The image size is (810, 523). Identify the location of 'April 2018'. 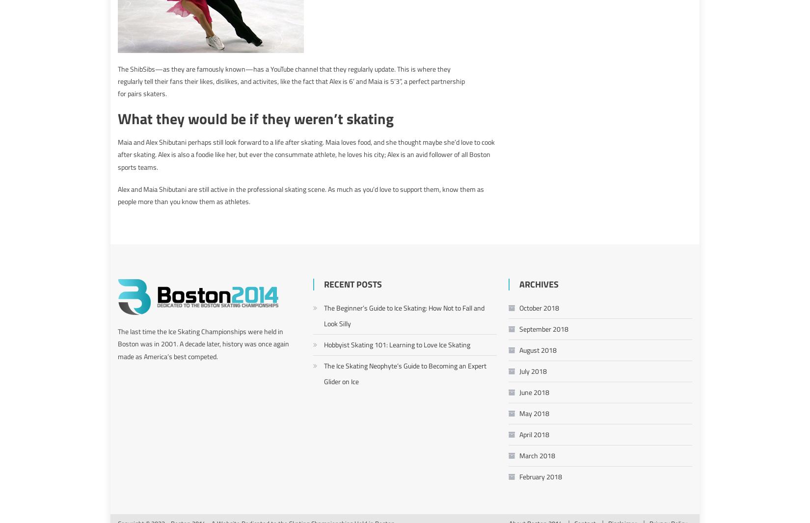
(534, 434).